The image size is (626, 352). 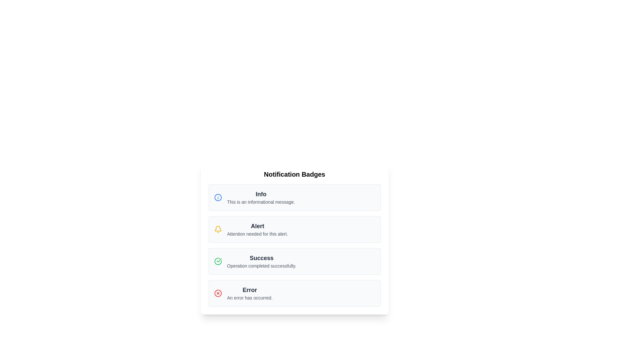 I want to click on the green checkmark icon that is part of the 'Success' notification badge, which visually aligns to the left side of the text 'Operation completed successfully.', so click(x=219, y=260).